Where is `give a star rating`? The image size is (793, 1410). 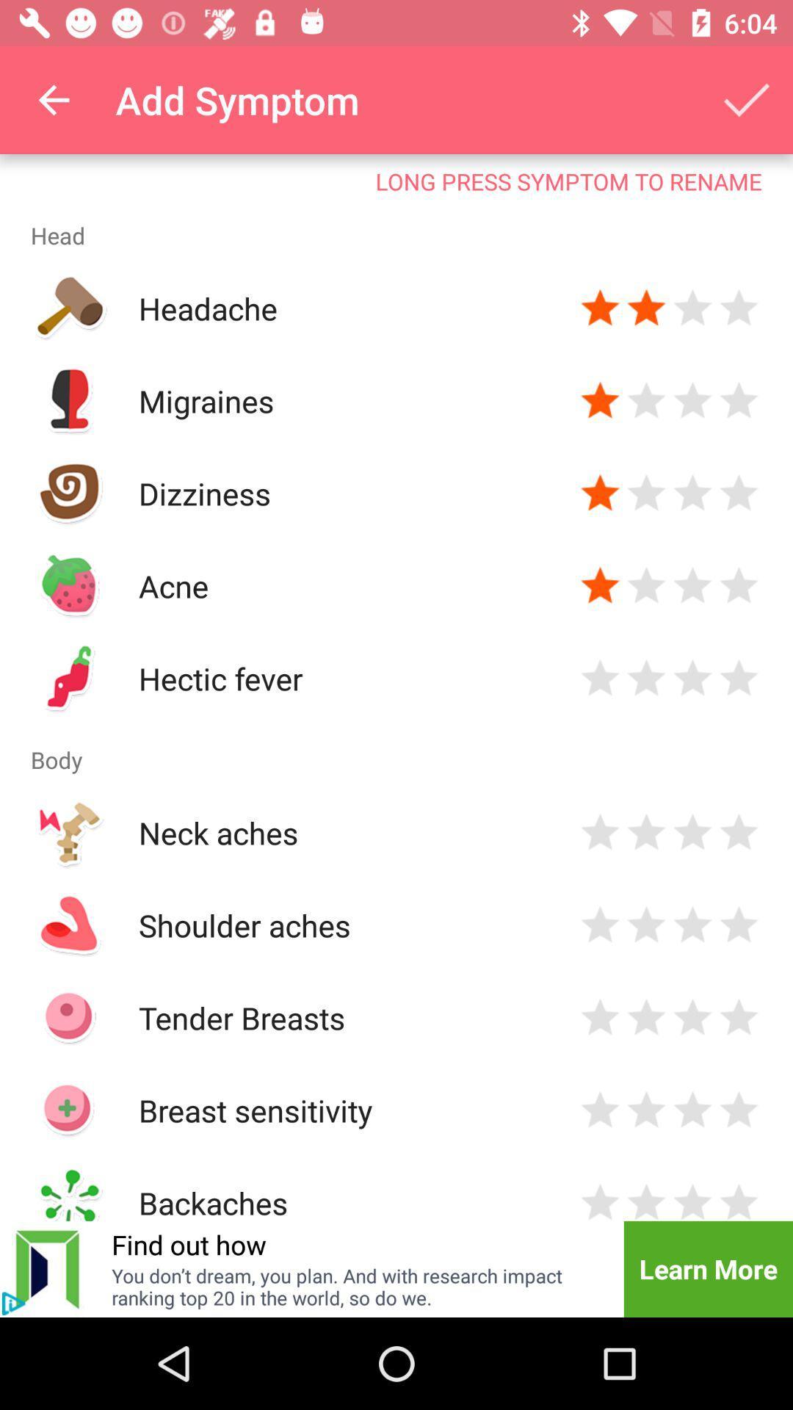 give a star rating is located at coordinates (645, 832).